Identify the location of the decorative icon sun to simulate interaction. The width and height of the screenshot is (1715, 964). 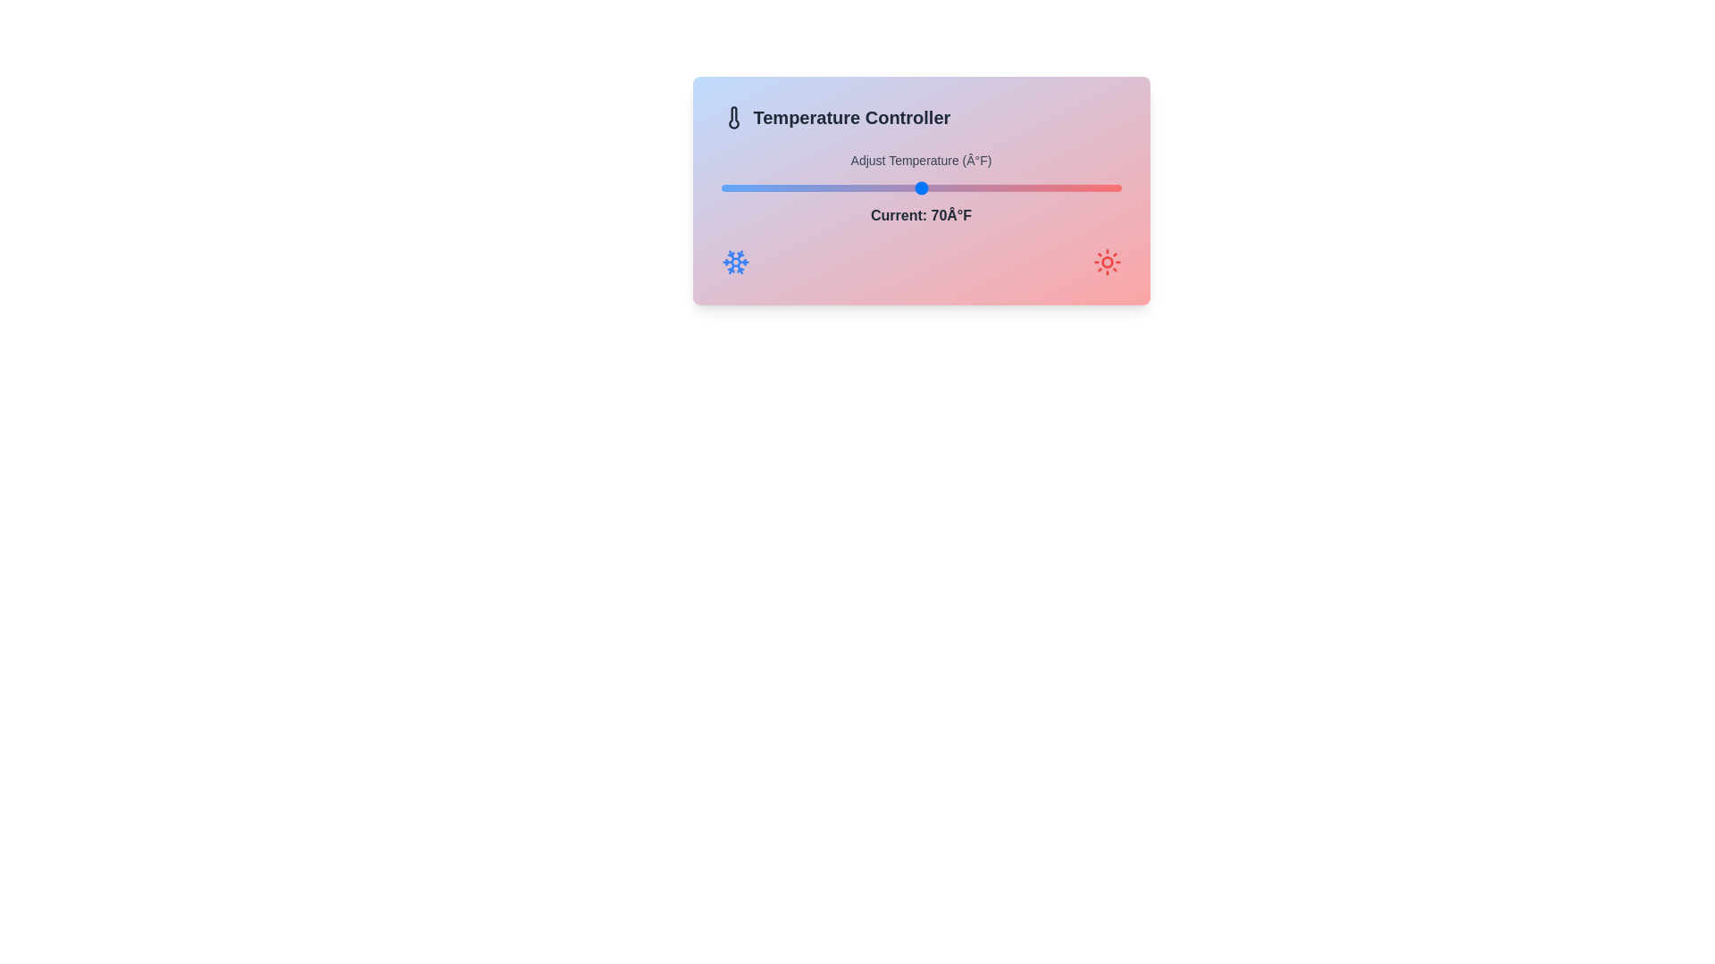
(1106, 262).